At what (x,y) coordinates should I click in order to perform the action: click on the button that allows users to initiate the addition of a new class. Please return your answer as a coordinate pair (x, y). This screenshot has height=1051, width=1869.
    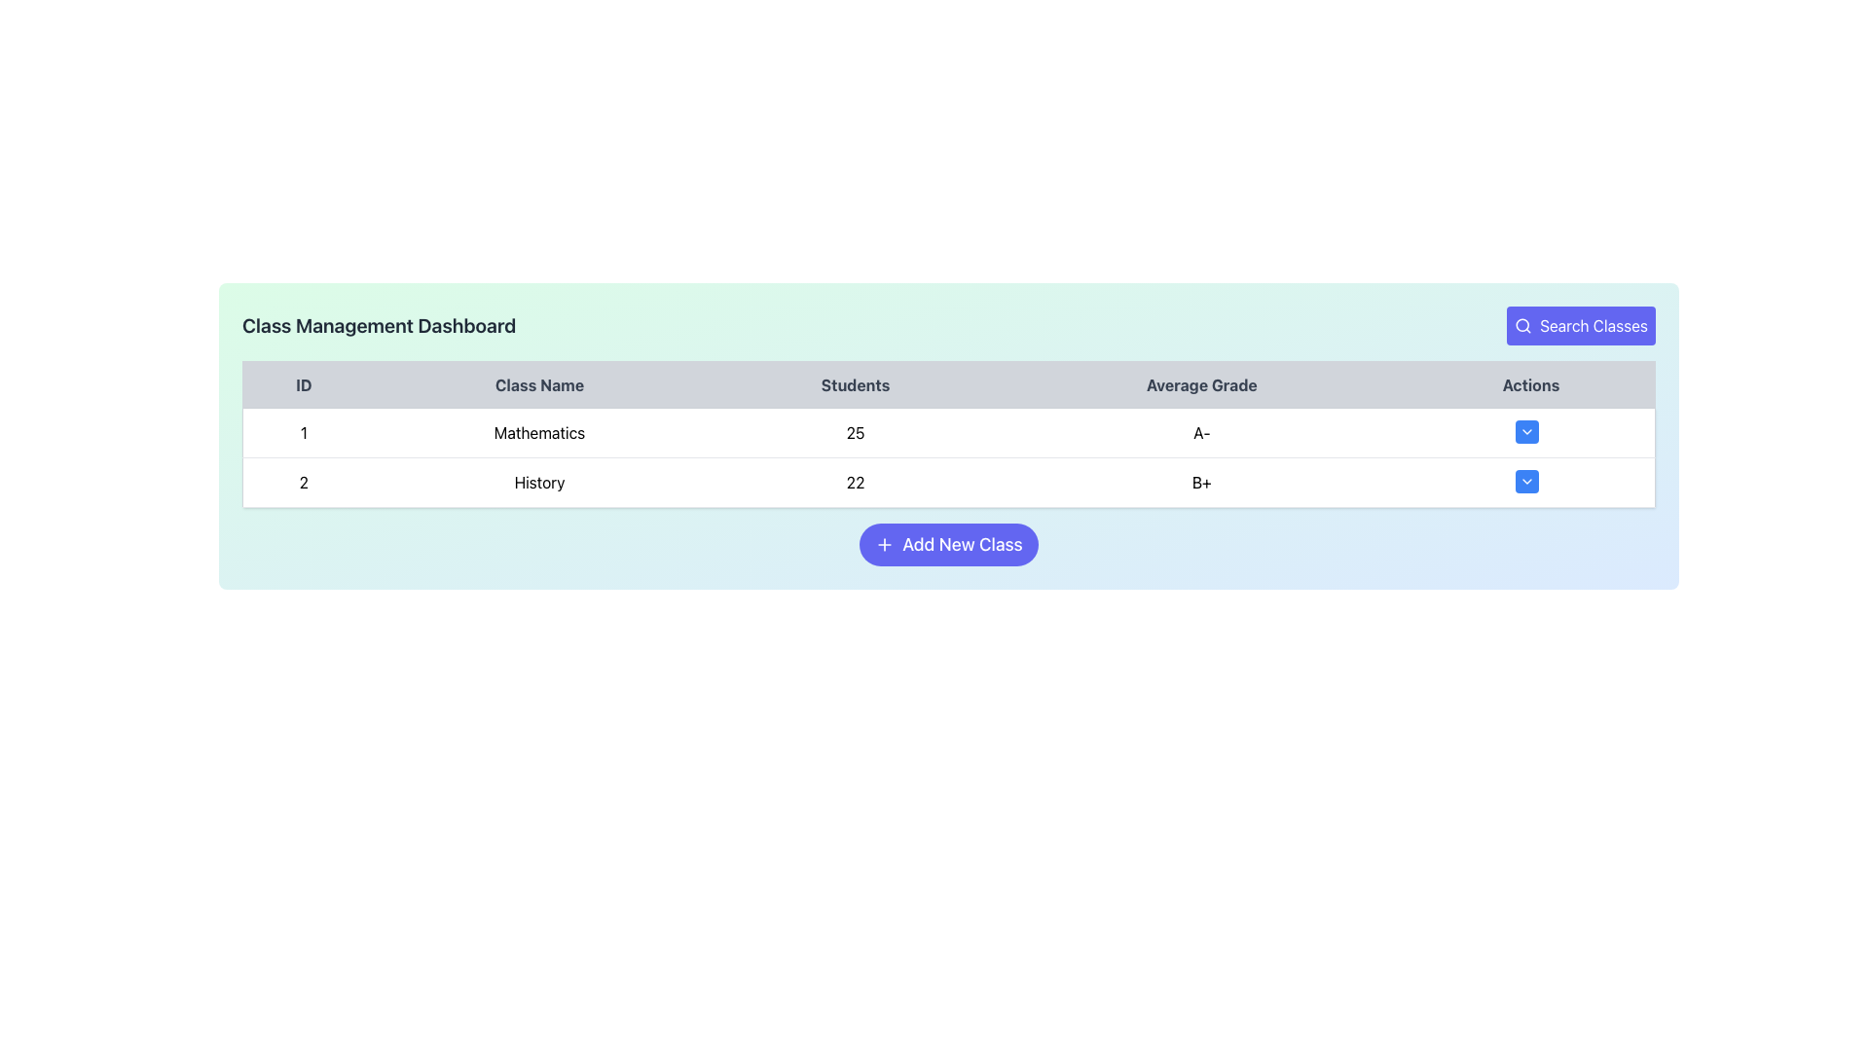
    Looking at the image, I should click on (948, 544).